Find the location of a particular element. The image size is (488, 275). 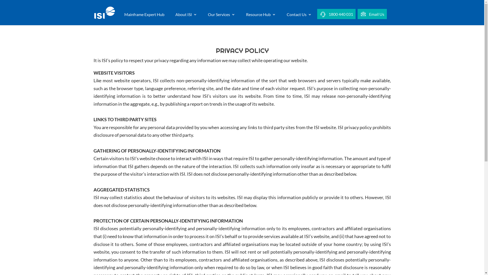

'Mainframe Expert Hub' is located at coordinates (124, 19).